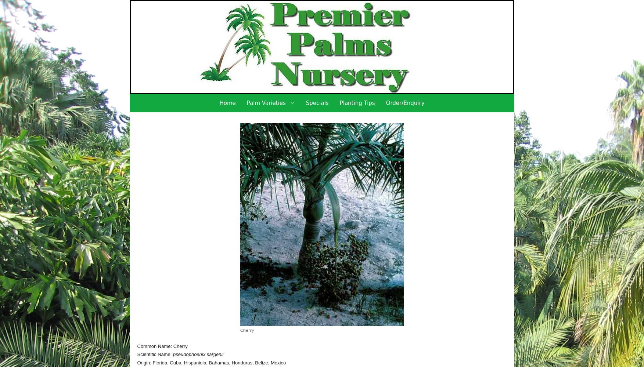  Describe the element at coordinates (162, 345) in the screenshot. I see `'Common Name: Cherry'` at that location.